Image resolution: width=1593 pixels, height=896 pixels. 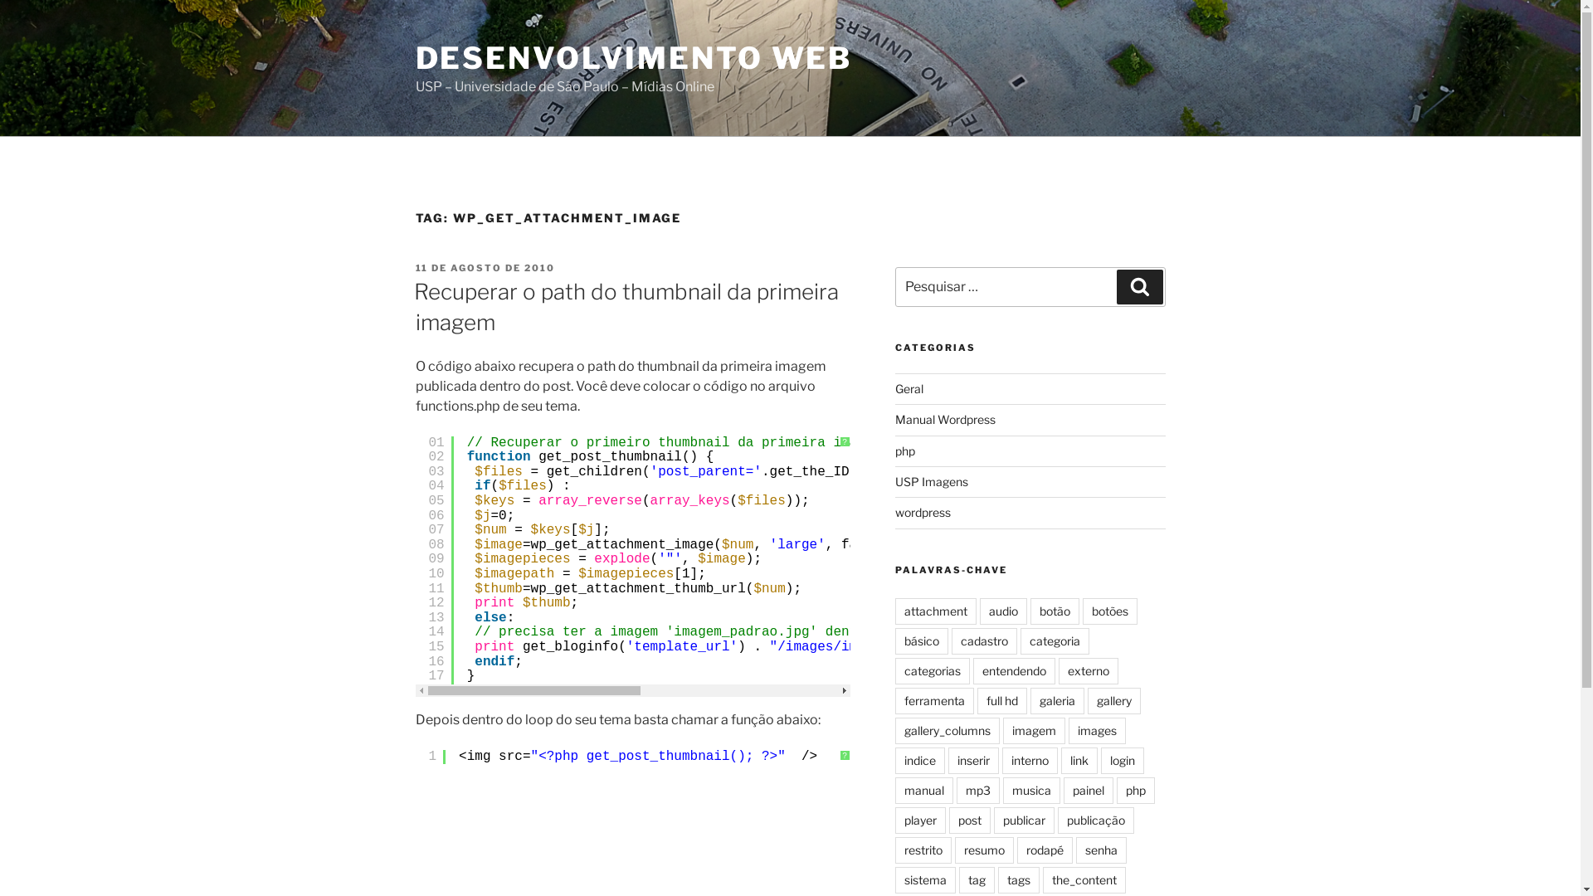 I want to click on 'login', so click(x=1100, y=761).